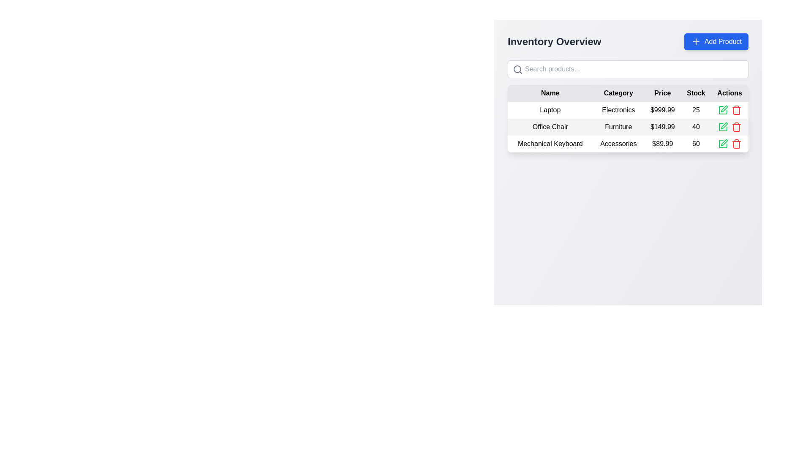 Image resolution: width=811 pixels, height=456 pixels. I want to click on the edit button icon for the 'Office Chair' entry in the inventory system to initiate editing, so click(722, 127).